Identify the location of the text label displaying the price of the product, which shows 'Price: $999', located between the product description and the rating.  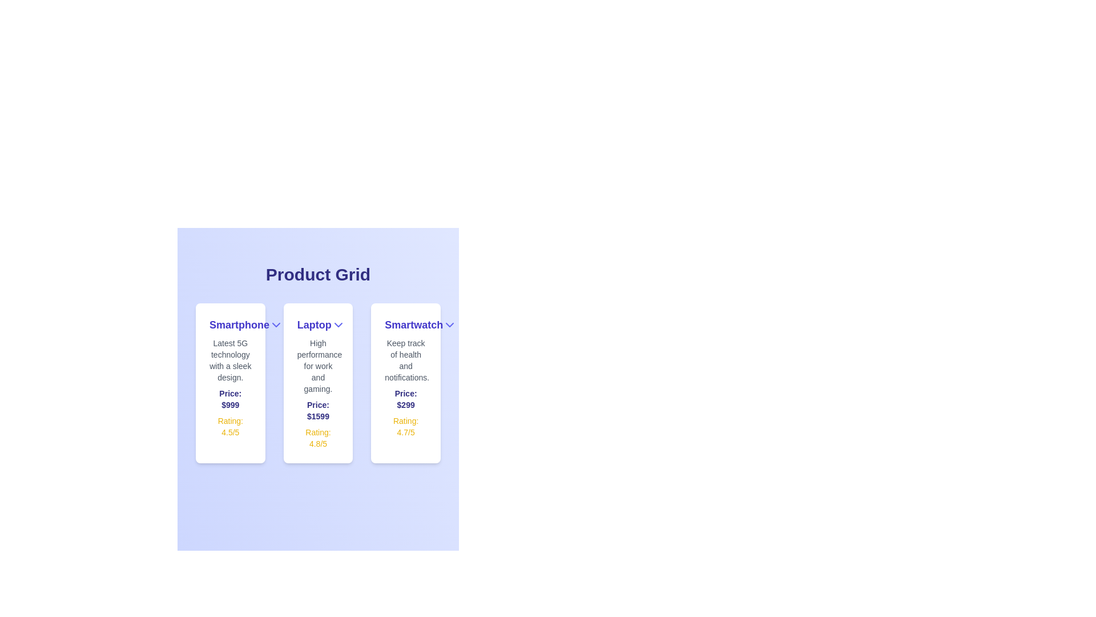
(229, 398).